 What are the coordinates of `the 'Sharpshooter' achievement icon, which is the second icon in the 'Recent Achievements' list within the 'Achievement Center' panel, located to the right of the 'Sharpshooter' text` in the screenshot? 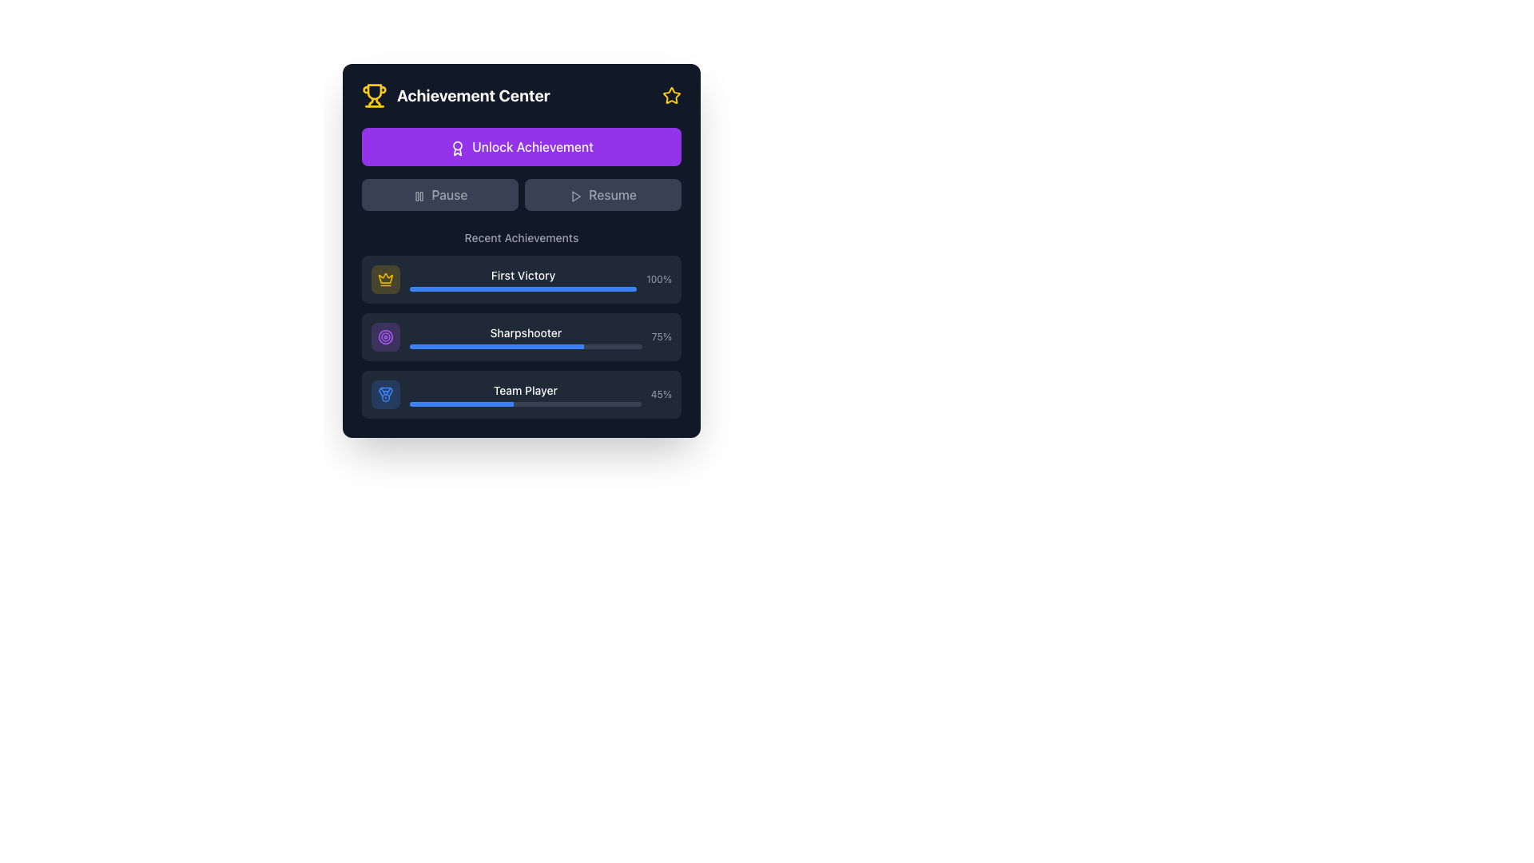 It's located at (386, 336).